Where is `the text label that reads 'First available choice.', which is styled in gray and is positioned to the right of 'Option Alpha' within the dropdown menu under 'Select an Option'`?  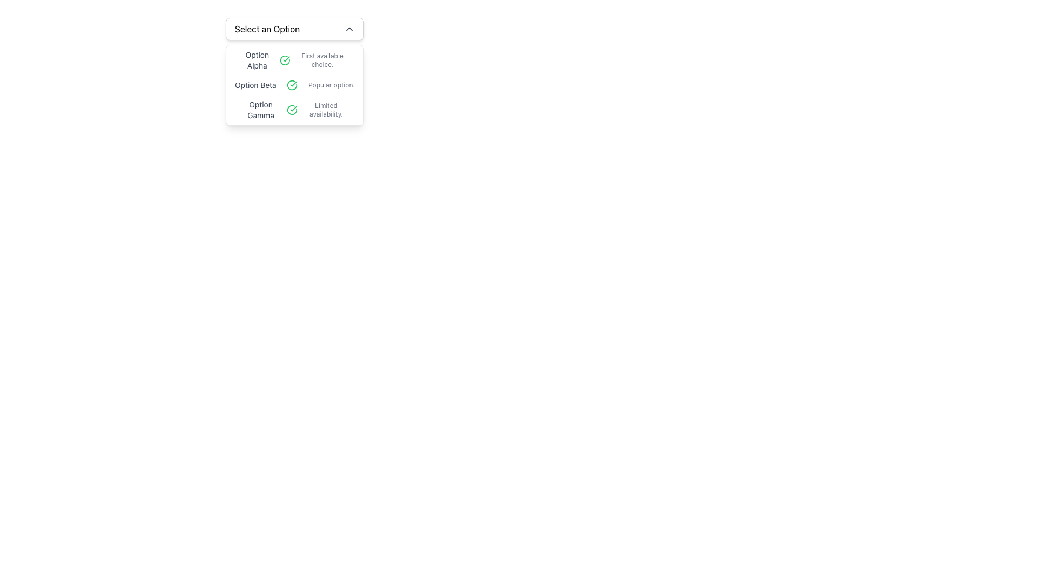
the text label that reads 'First available choice.', which is styled in gray and is positioned to the right of 'Option Alpha' within the dropdown menu under 'Select an Option' is located at coordinates (322, 60).